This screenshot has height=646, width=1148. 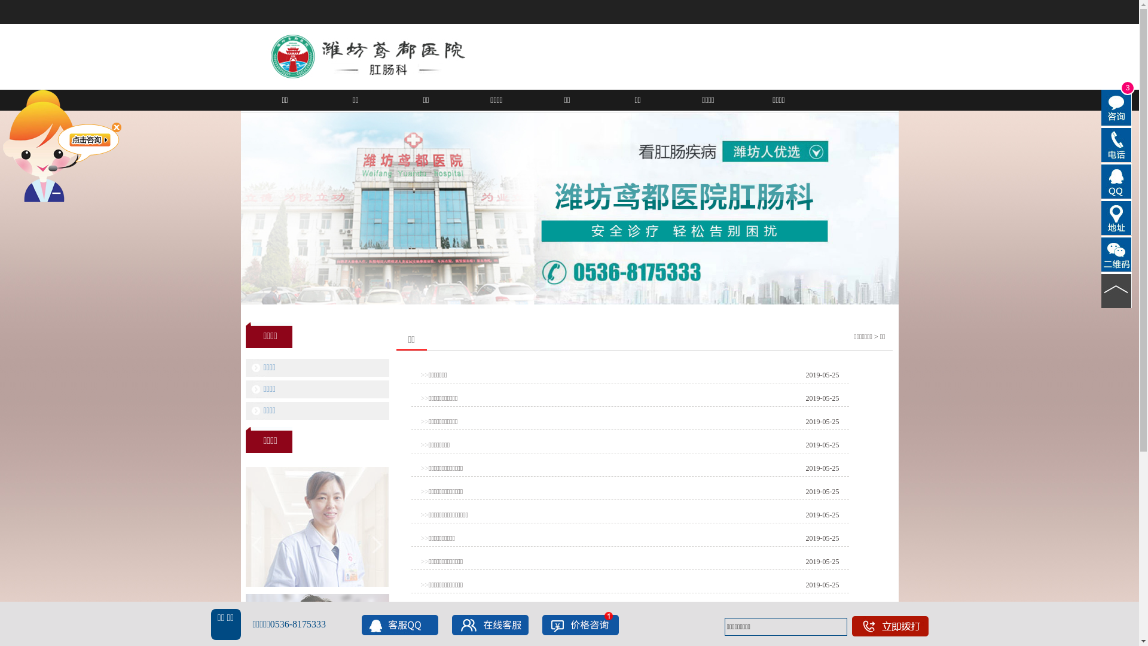 I want to click on '3', so click(x=1116, y=108).